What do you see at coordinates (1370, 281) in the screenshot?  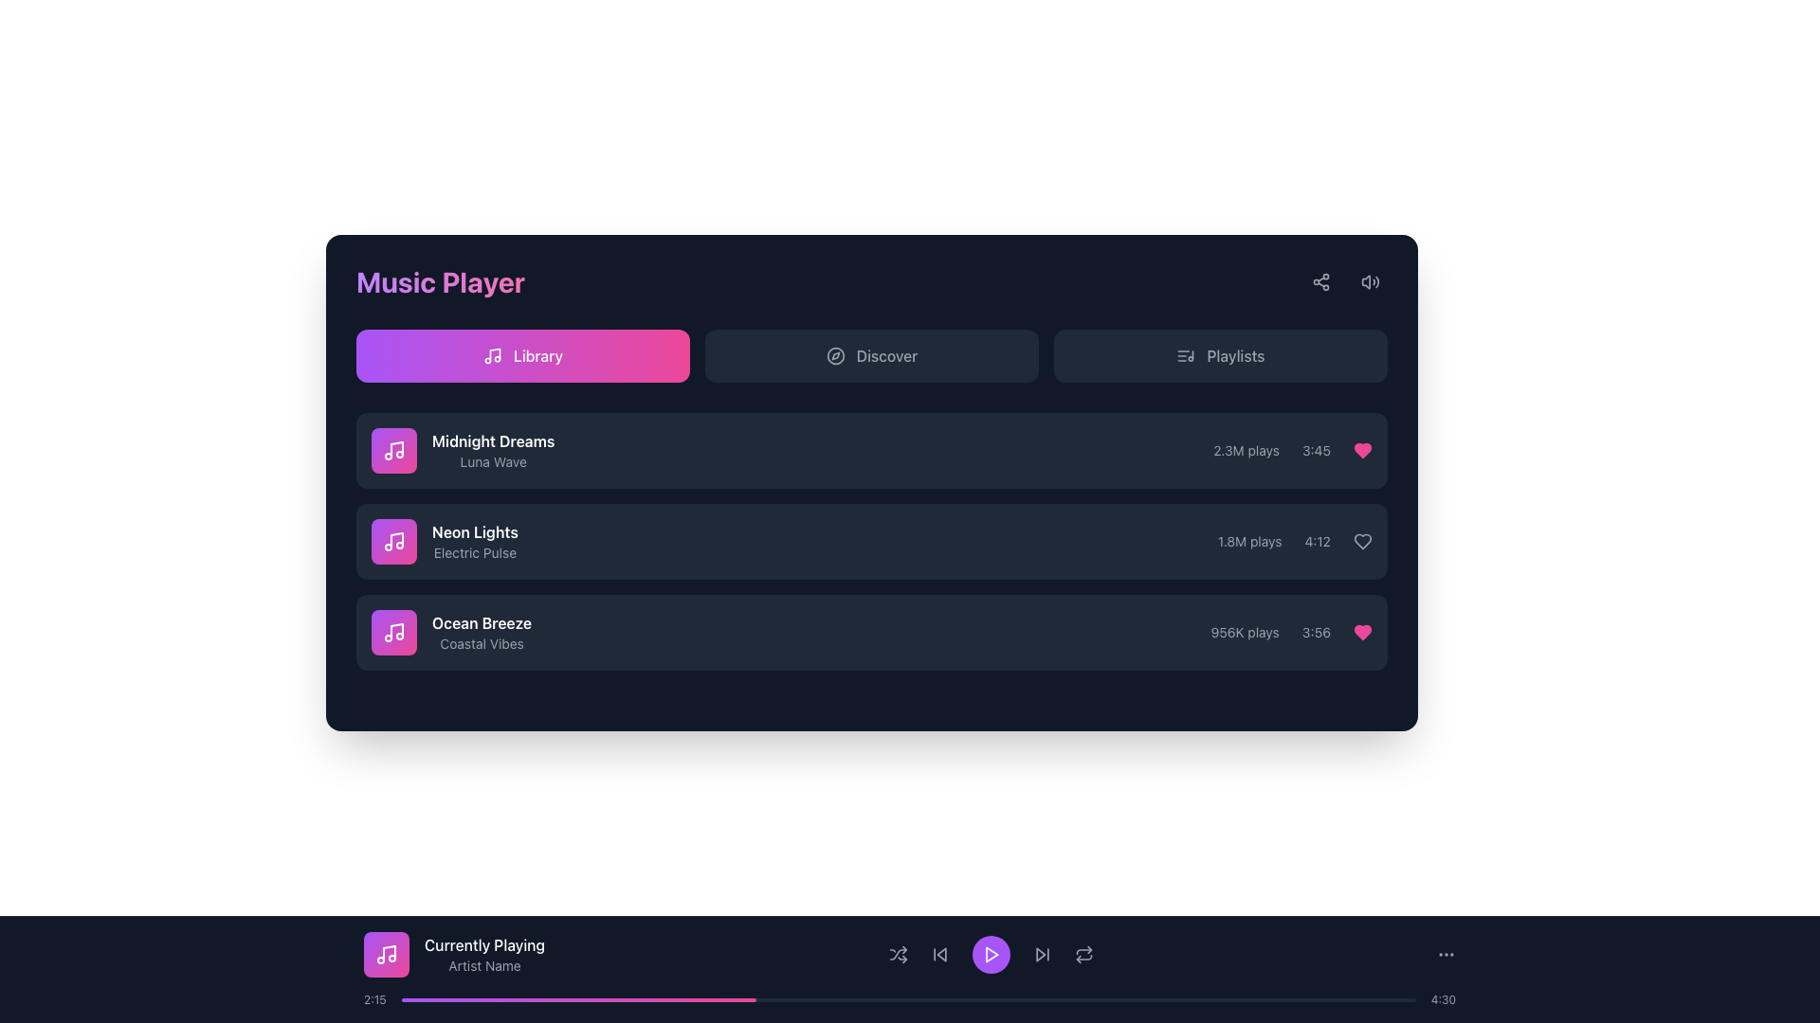 I see `the sound volume icon located in the top-right corner of the main interface panel, which is styled in medium gray and changes to purple when hovered` at bounding box center [1370, 281].